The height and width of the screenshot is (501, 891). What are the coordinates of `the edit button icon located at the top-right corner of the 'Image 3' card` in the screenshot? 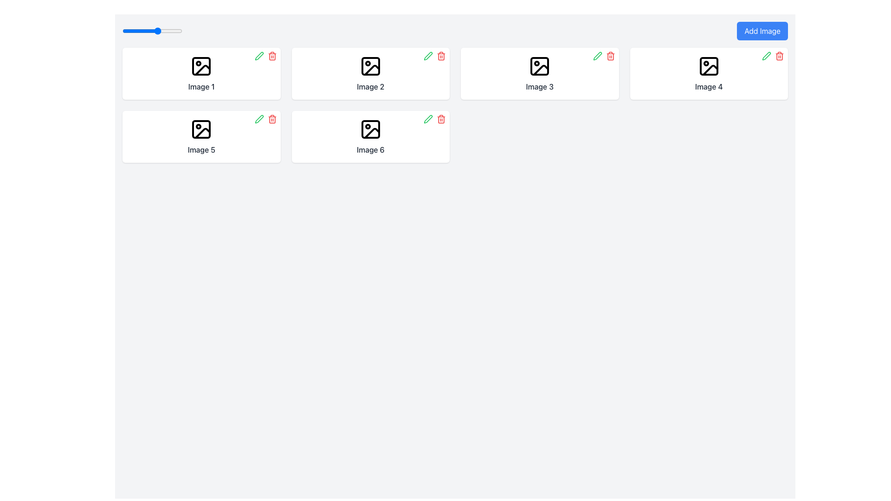 It's located at (597, 56).